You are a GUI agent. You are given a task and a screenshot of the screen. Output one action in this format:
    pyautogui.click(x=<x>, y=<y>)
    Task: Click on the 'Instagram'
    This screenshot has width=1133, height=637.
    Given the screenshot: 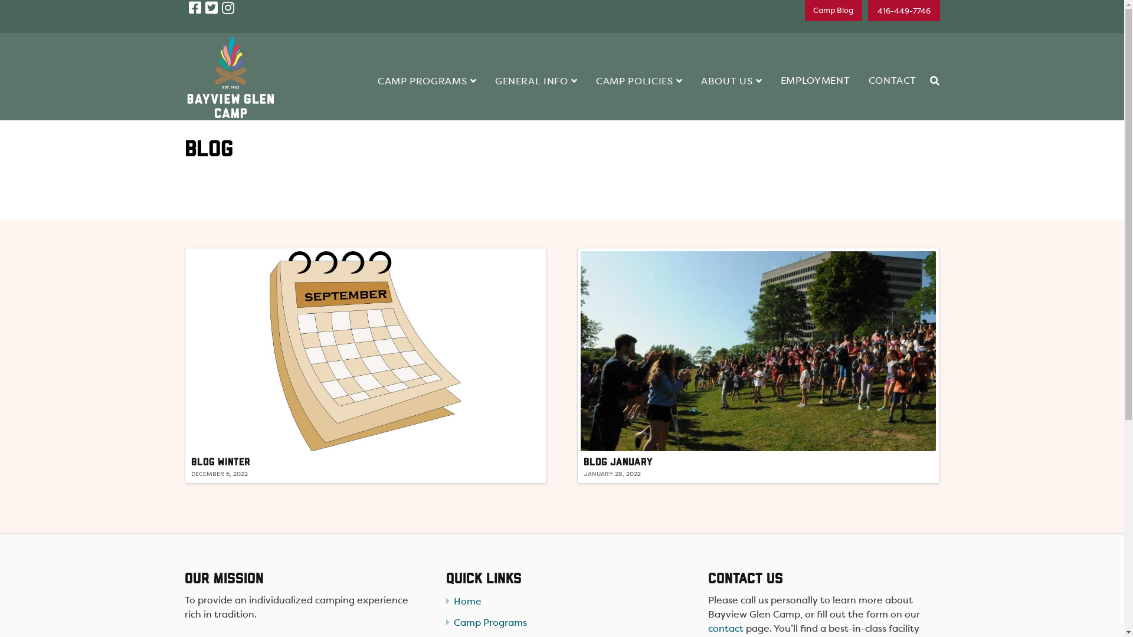 What is the action you would take?
    pyautogui.click(x=221, y=7)
    